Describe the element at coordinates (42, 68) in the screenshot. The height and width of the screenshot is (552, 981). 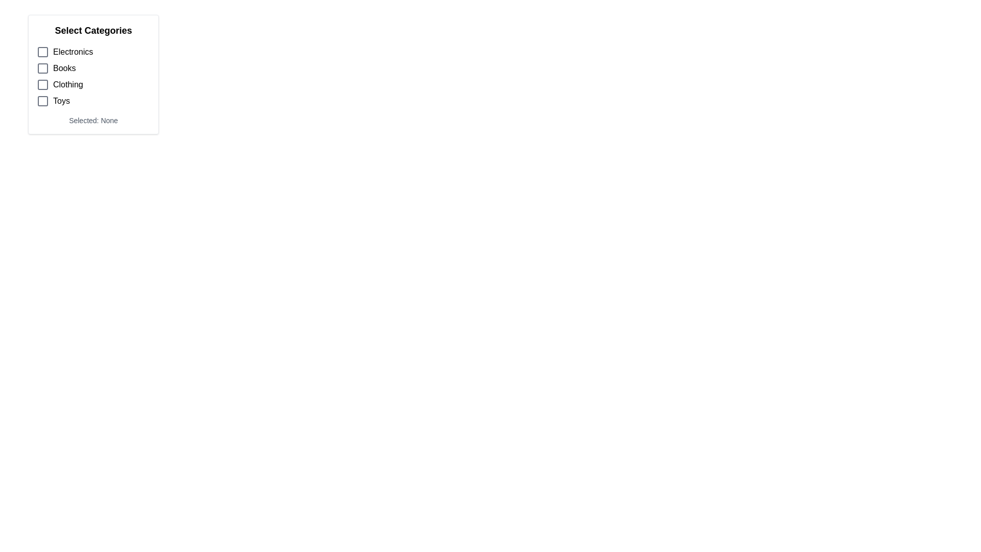
I see `on the marked checkbox in the second position of a list of four checkboxes` at that location.